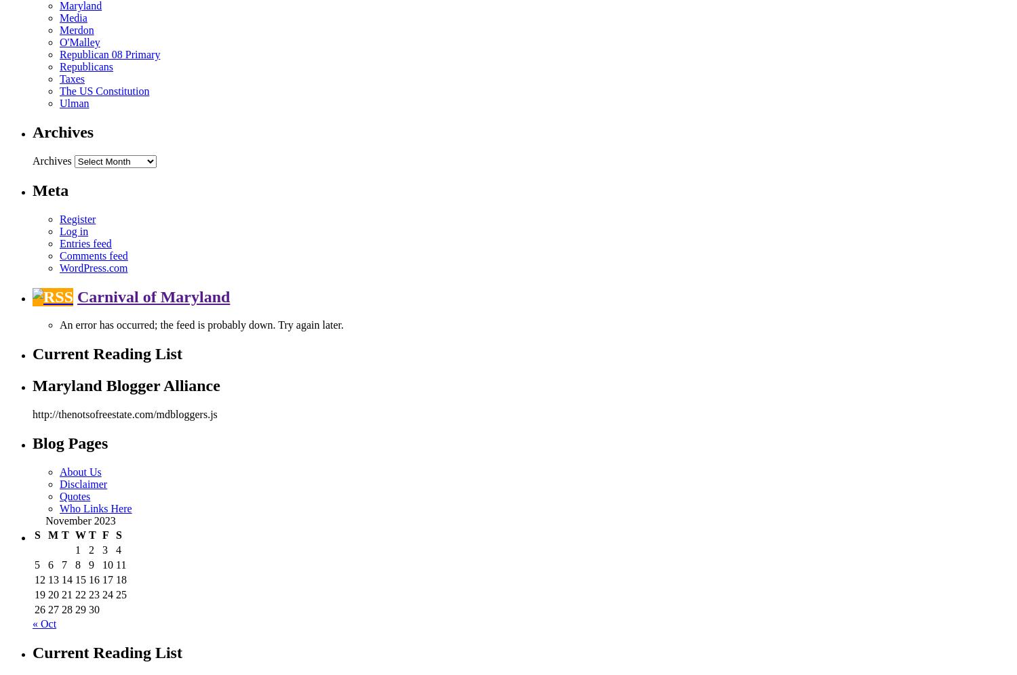 This screenshot has height=675, width=1017. Describe the element at coordinates (102, 594) in the screenshot. I see `'24'` at that location.